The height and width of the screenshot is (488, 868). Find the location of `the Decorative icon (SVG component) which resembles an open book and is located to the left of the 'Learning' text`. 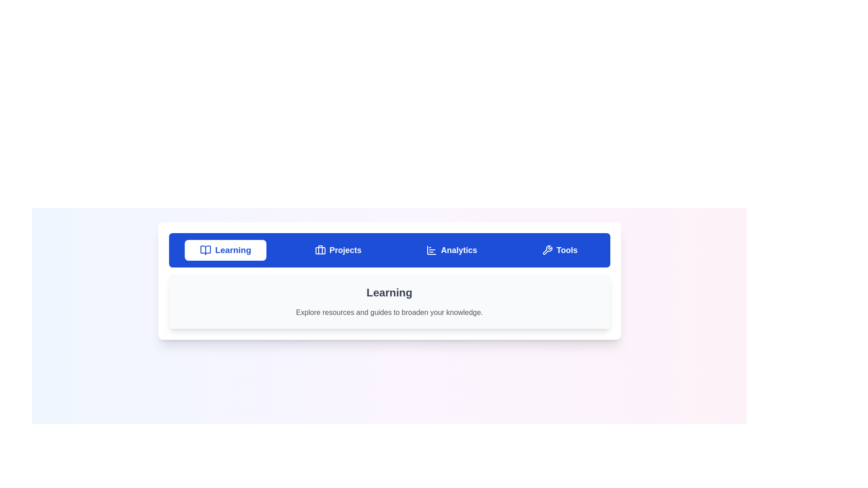

the Decorative icon (SVG component) which resembles an open book and is located to the left of the 'Learning' text is located at coordinates (205, 250).